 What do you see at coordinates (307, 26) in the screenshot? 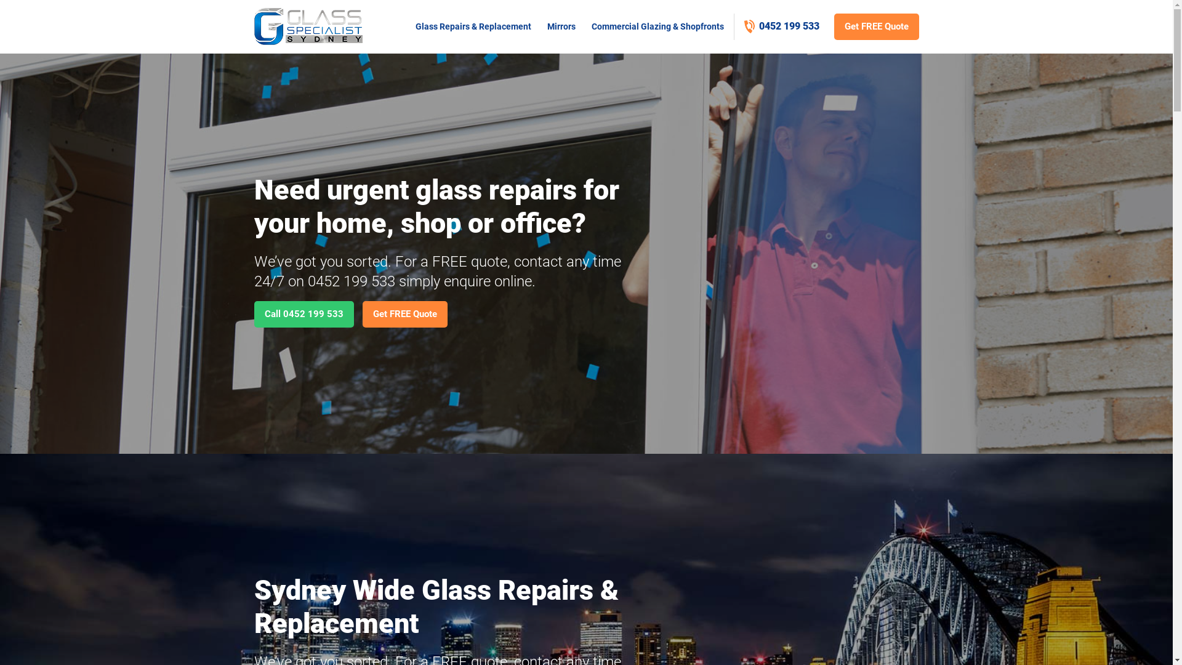
I see `'Sydney Glass Specialist'` at bounding box center [307, 26].